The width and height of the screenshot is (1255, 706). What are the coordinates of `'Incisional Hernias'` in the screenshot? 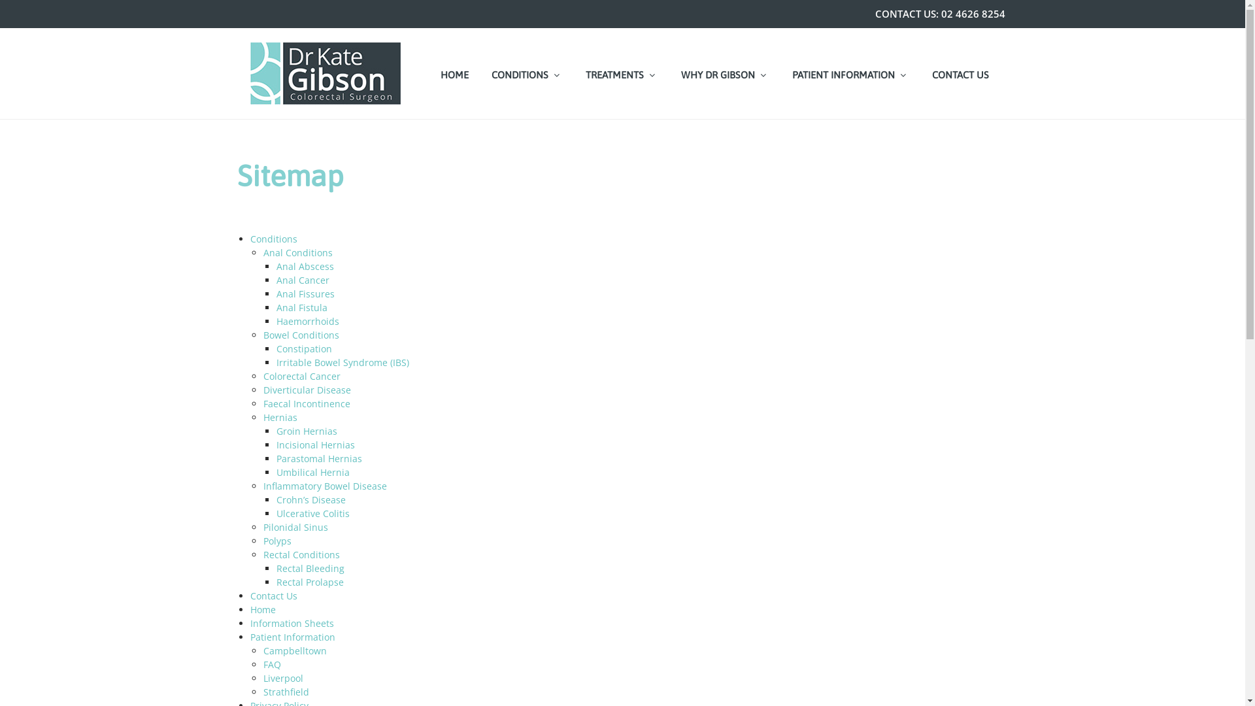 It's located at (314, 444).